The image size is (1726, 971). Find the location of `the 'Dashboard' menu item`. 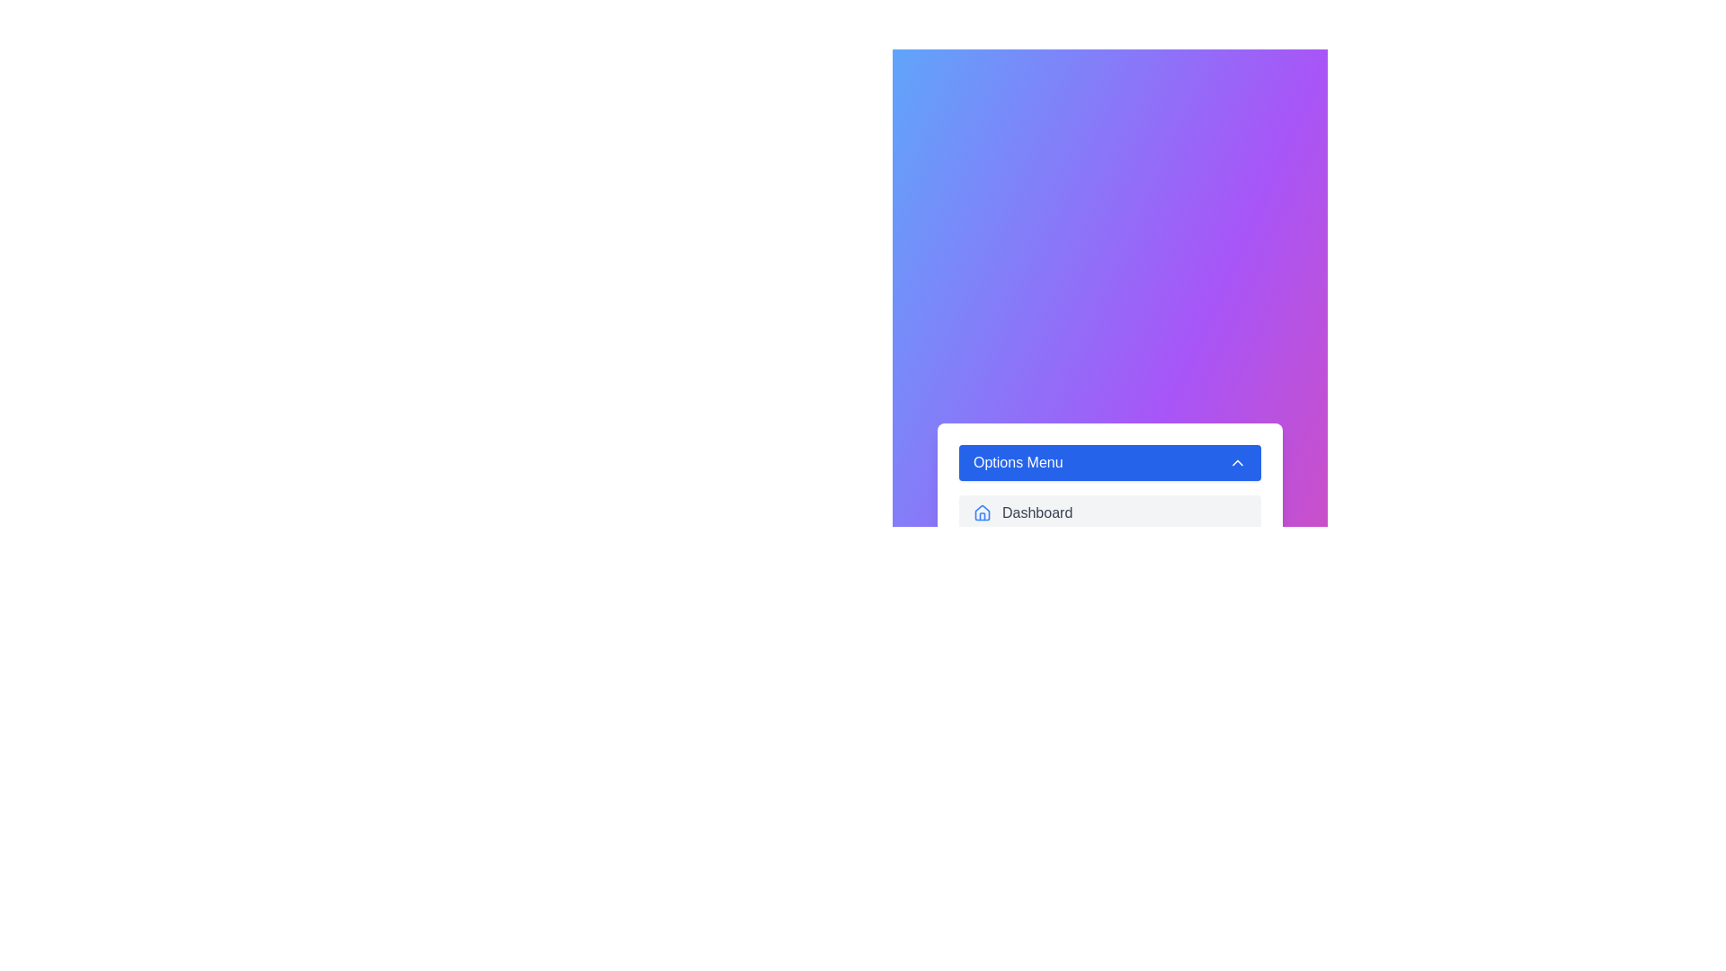

the 'Dashboard' menu item is located at coordinates (1108, 512).